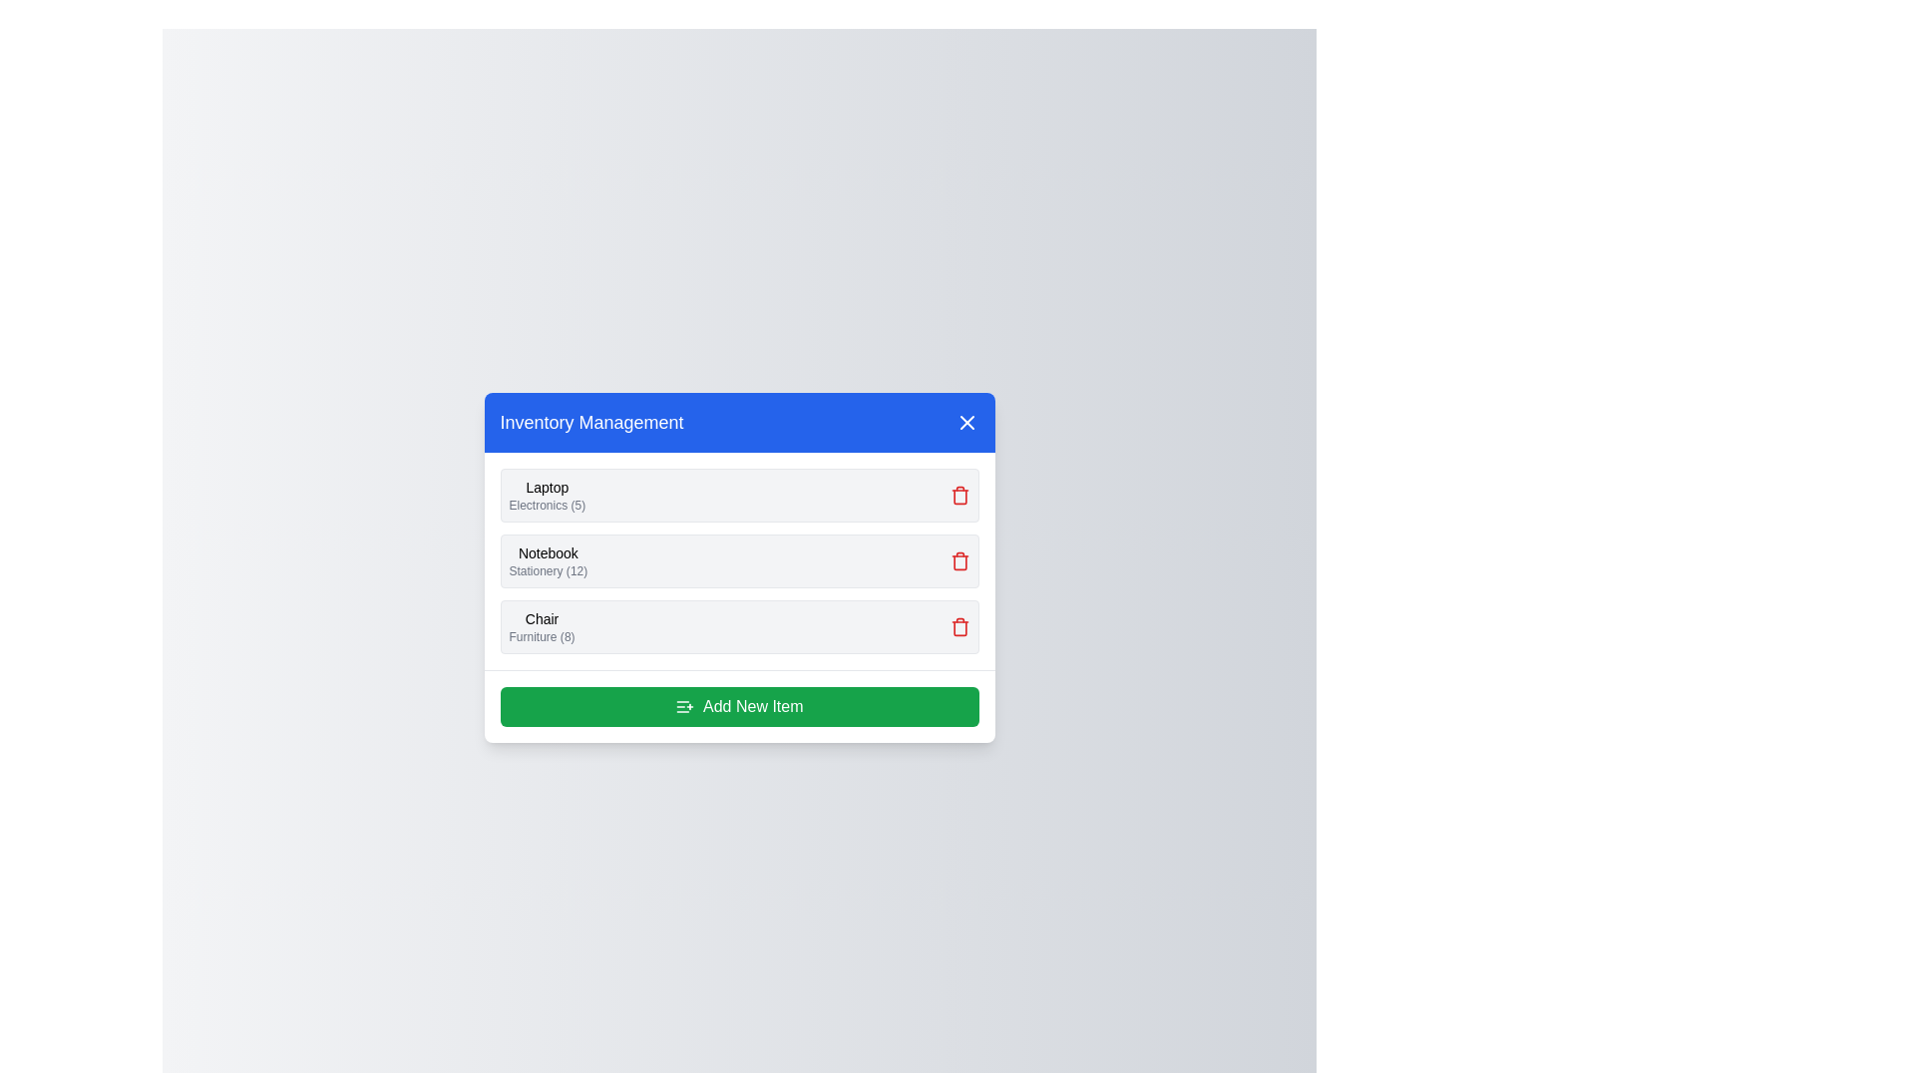 Image resolution: width=1915 pixels, height=1077 pixels. Describe the element at coordinates (959, 625) in the screenshot. I see `delete icon next to the item named Chair to remove it from the inventory` at that location.